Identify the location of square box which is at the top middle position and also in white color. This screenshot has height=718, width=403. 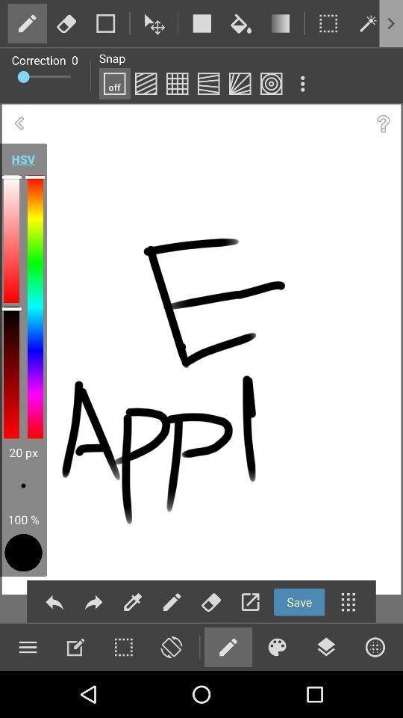
(201, 22).